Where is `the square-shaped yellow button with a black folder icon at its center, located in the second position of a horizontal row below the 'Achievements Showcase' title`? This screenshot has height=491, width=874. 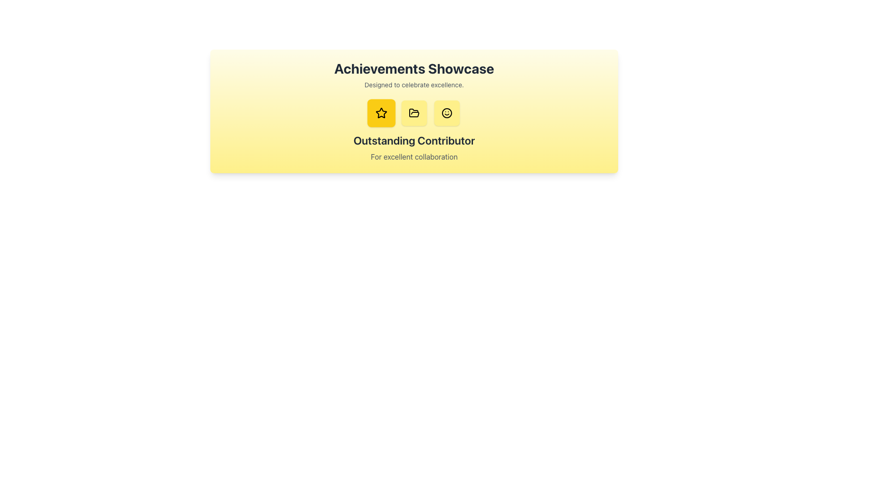 the square-shaped yellow button with a black folder icon at its center, located in the second position of a horizontal row below the 'Achievements Showcase' title is located at coordinates (414, 113).